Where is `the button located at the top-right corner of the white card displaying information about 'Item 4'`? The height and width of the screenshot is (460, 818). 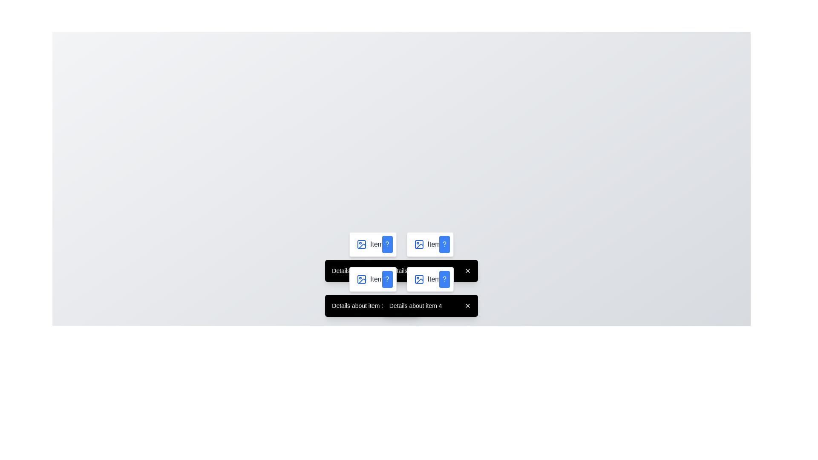
the button located at the top-right corner of the white card displaying information about 'Item 4' is located at coordinates (444, 279).